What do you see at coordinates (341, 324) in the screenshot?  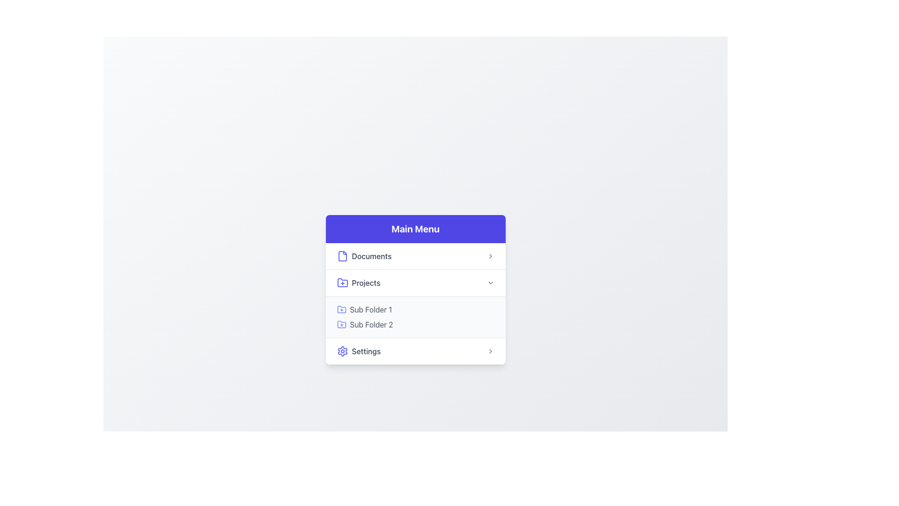 I see `the icon located to the left of the label text 'Sub Folder 2'` at bounding box center [341, 324].